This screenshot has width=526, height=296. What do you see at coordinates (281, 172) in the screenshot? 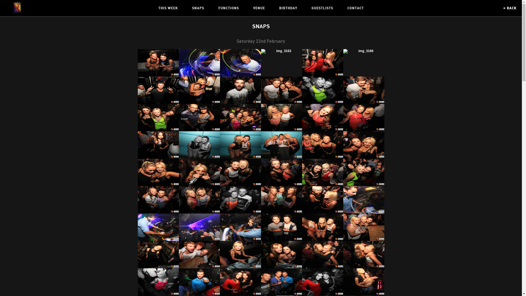
I see `' '` at bounding box center [281, 172].